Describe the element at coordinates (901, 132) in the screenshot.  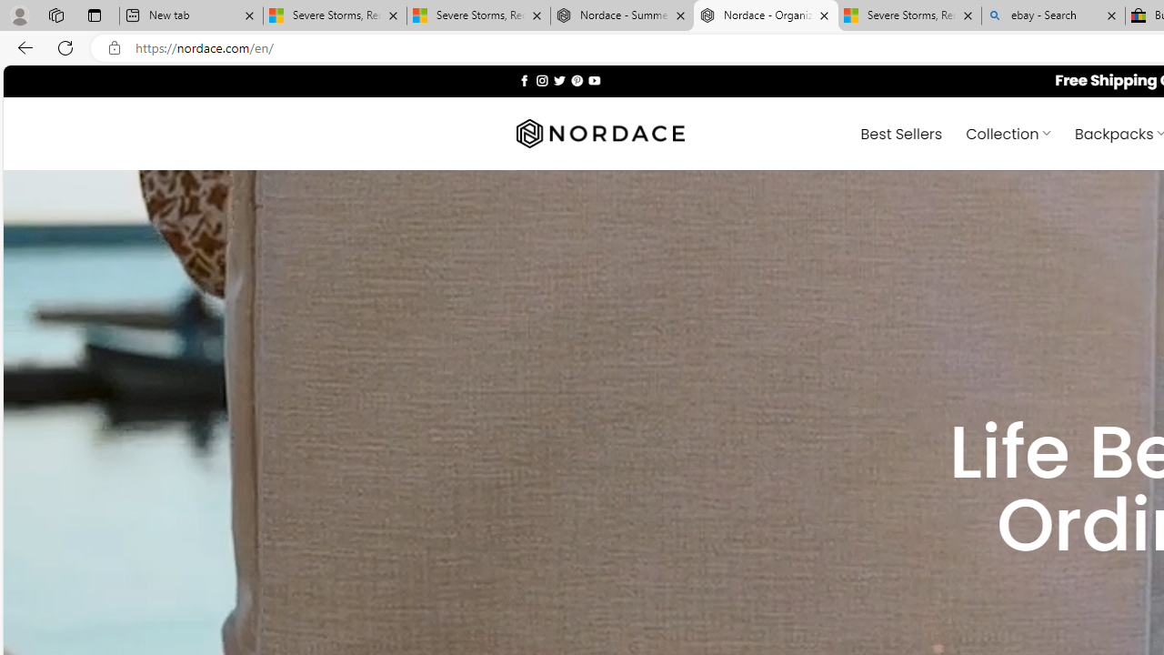
I see `' Best Sellers'` at that location.